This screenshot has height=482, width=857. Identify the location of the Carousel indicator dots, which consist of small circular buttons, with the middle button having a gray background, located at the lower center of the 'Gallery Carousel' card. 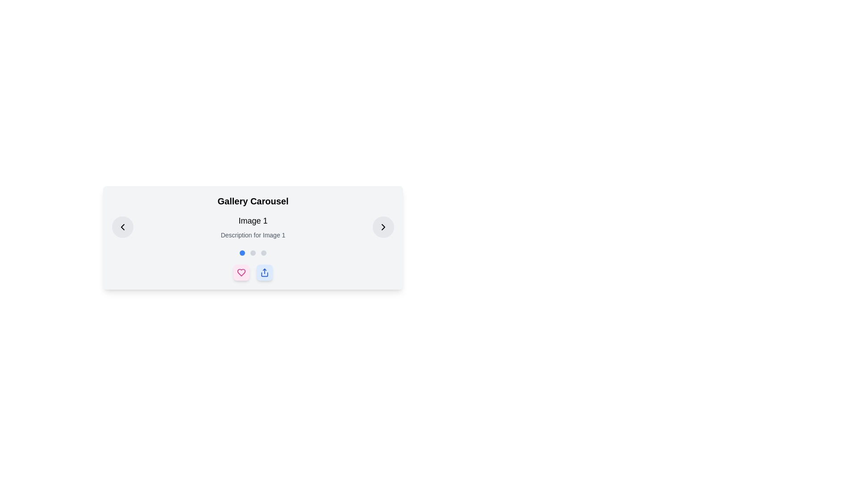
(252, 253).